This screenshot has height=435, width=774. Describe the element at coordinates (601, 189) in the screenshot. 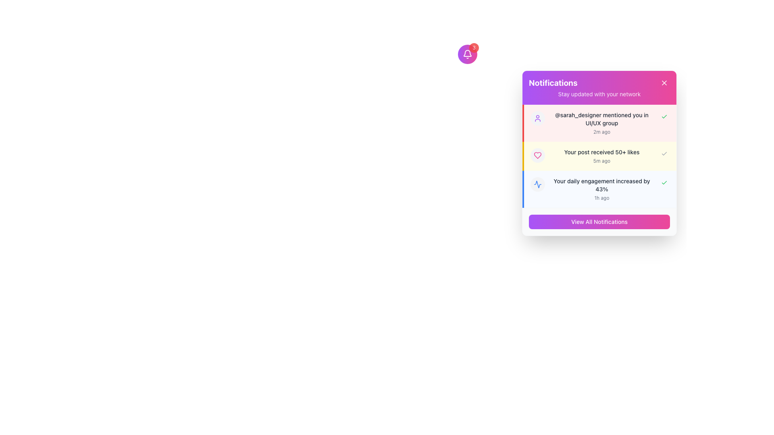

I see `the Notification summary text that informs the user about an increase in their daily engagement, located in the third notification row below 'Your post received 50+ likes'` at that location.